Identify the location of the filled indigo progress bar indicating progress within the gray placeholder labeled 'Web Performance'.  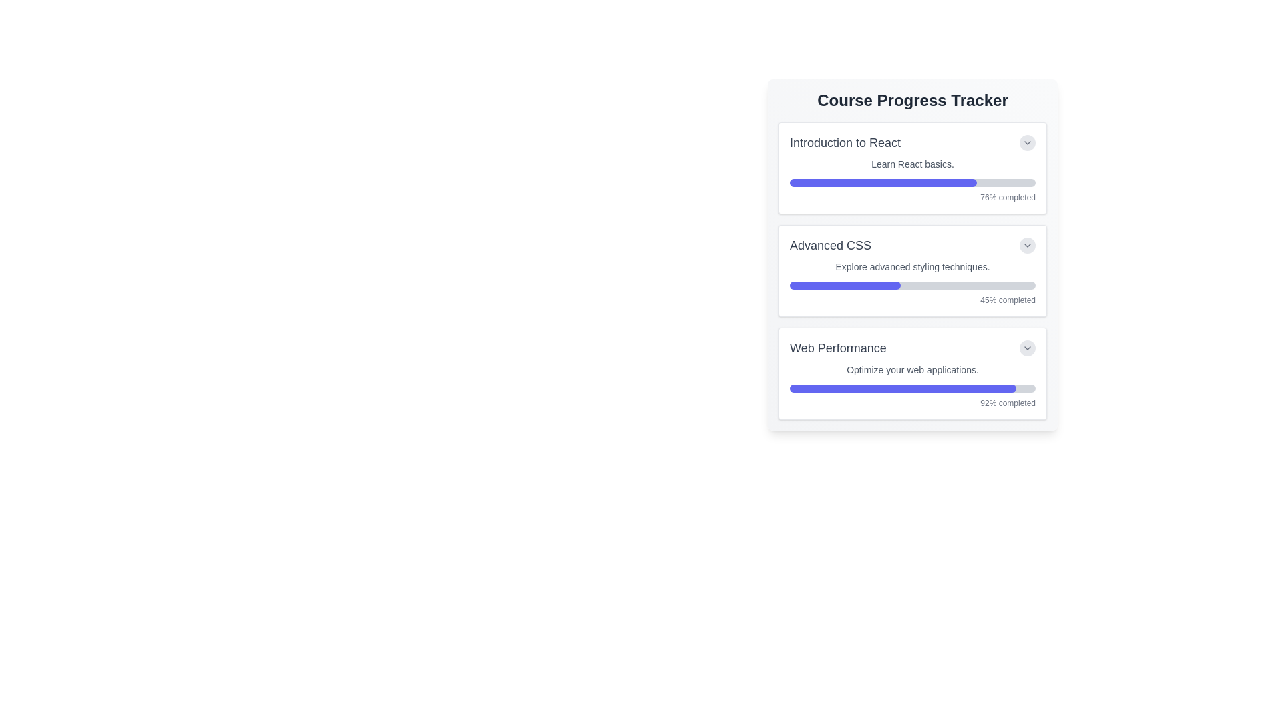
(903, 389).